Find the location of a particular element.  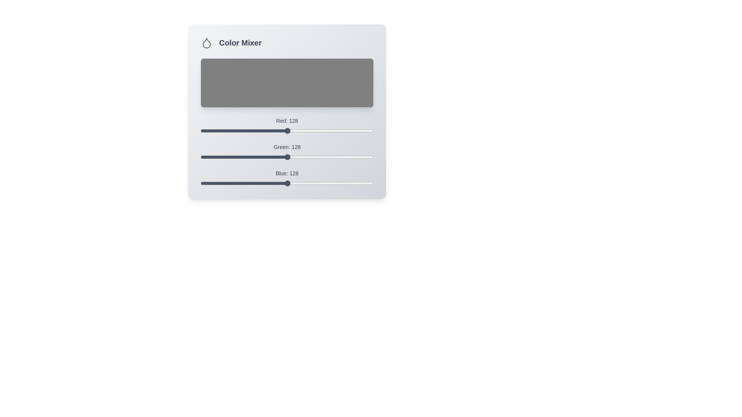

the red color slider to set the red value to 42 is located at coordinates (228, 131).